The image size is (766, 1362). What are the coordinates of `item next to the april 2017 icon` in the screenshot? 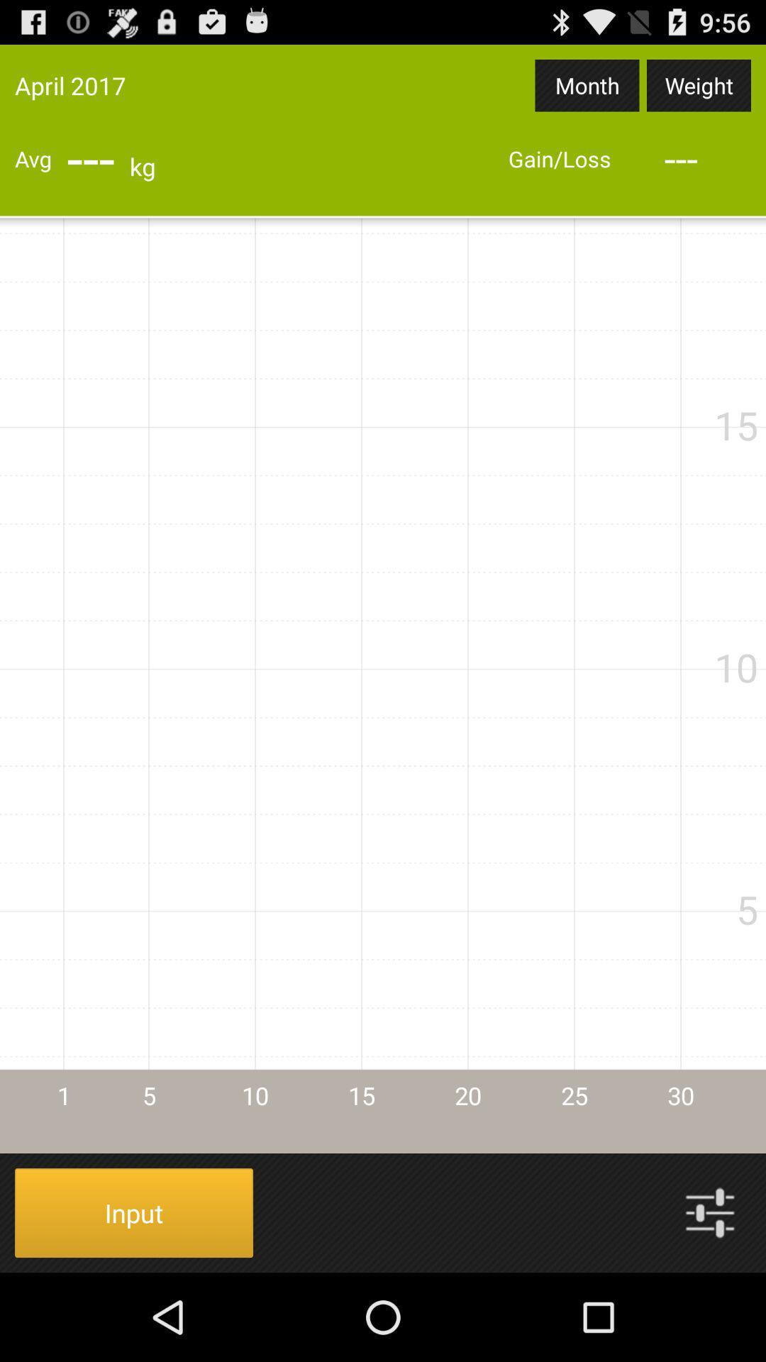 It's located at (587, 84).